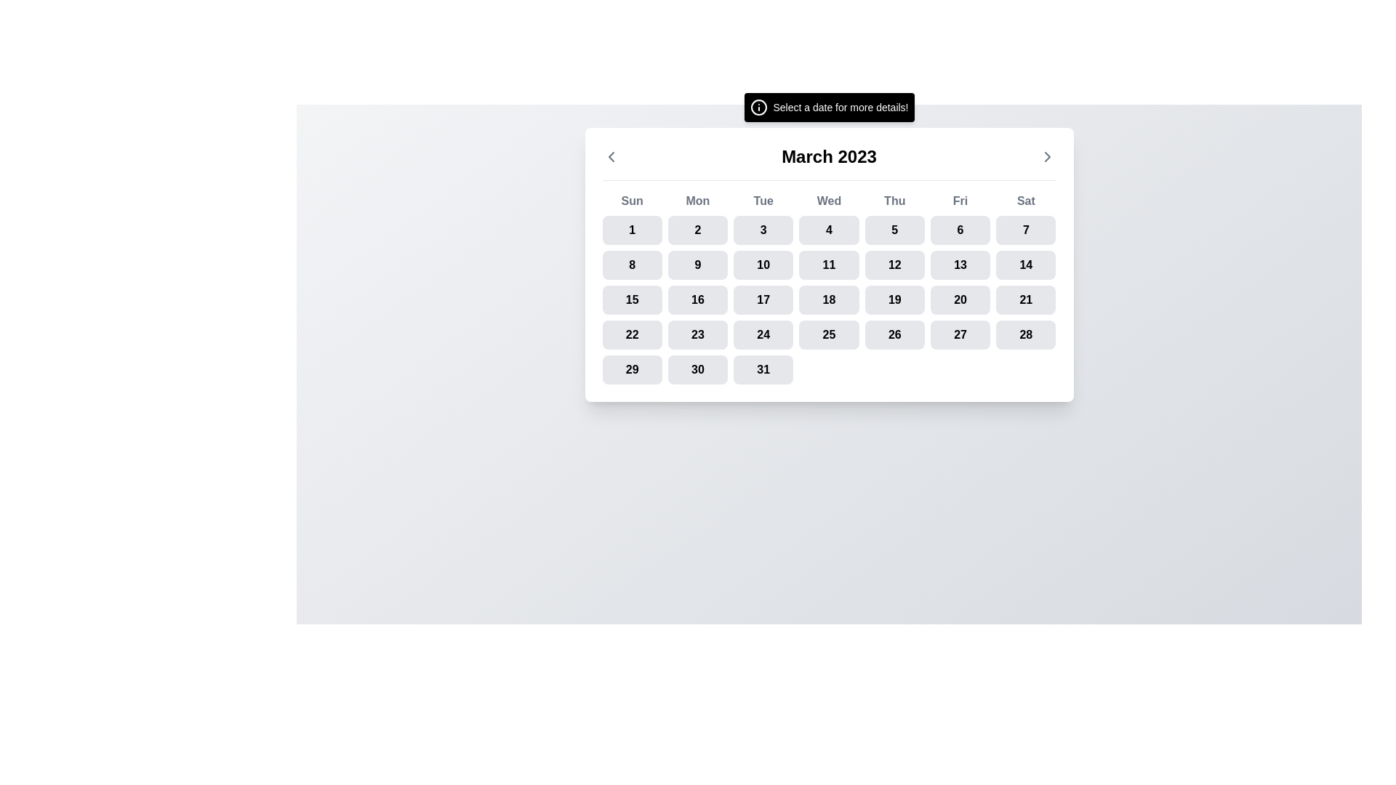 This screenshot has width=1396, height=785. What do you see at coordinates (1025, 335) in the screenshot?
I see `the button representing the 28th day in the calendar` at bounding box center [1025, 335].